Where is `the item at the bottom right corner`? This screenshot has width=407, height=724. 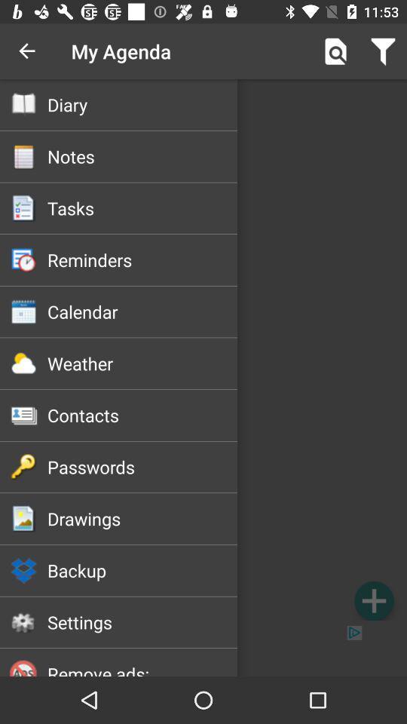 the item at the bottom right corner is located at coordinates (373, 600).